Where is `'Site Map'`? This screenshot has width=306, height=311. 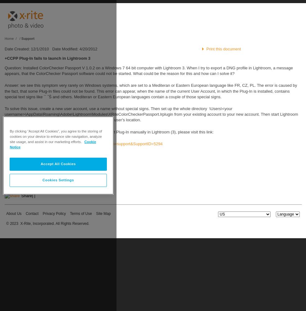 'Site Map' is located at coordinates (103, 214).